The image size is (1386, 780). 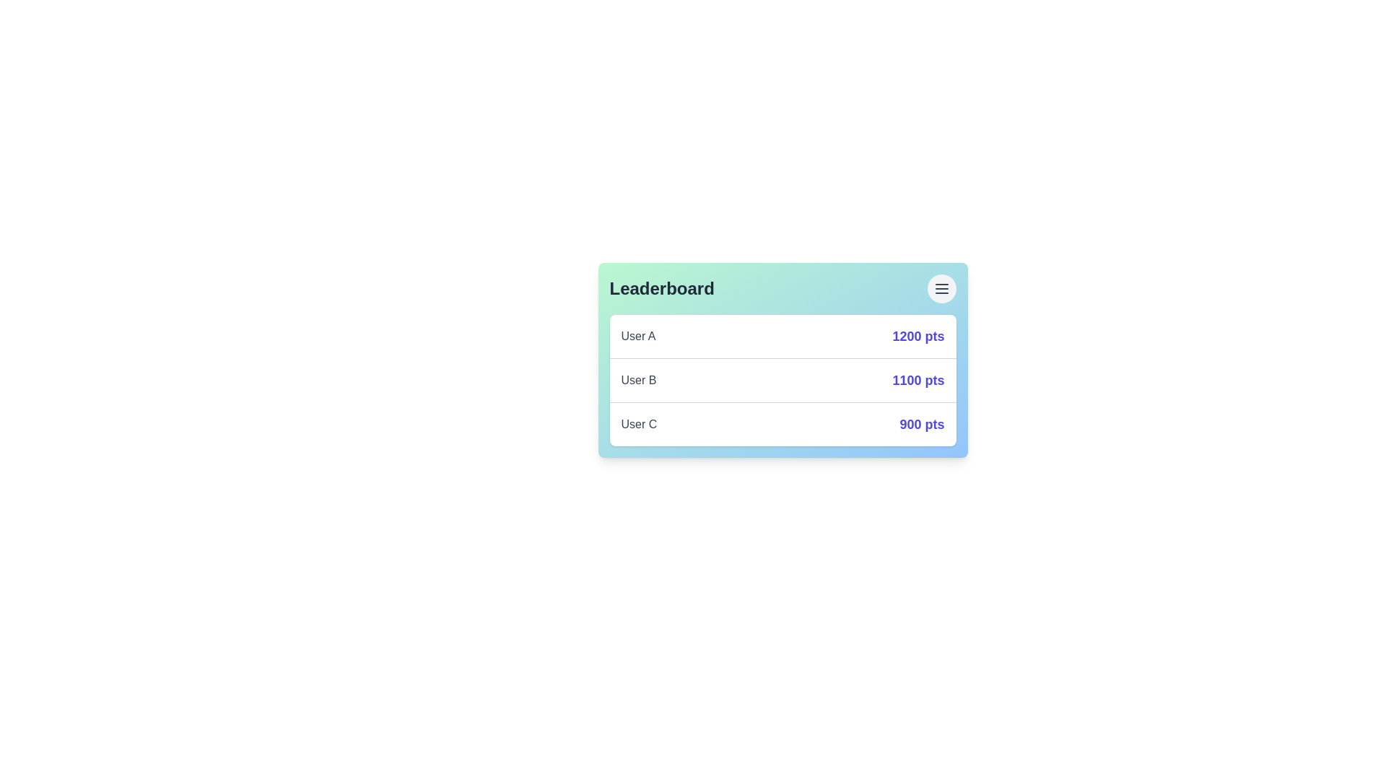 I want to click on the leaderboard entry of User B, so click(x=782, y=379).